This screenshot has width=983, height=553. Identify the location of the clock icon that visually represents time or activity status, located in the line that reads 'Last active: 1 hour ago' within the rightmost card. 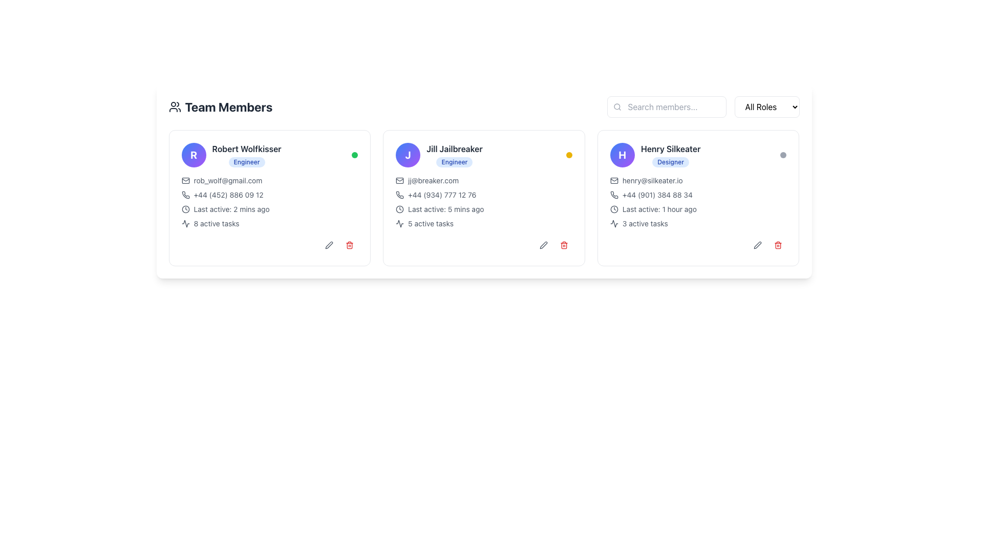
(614, 208).